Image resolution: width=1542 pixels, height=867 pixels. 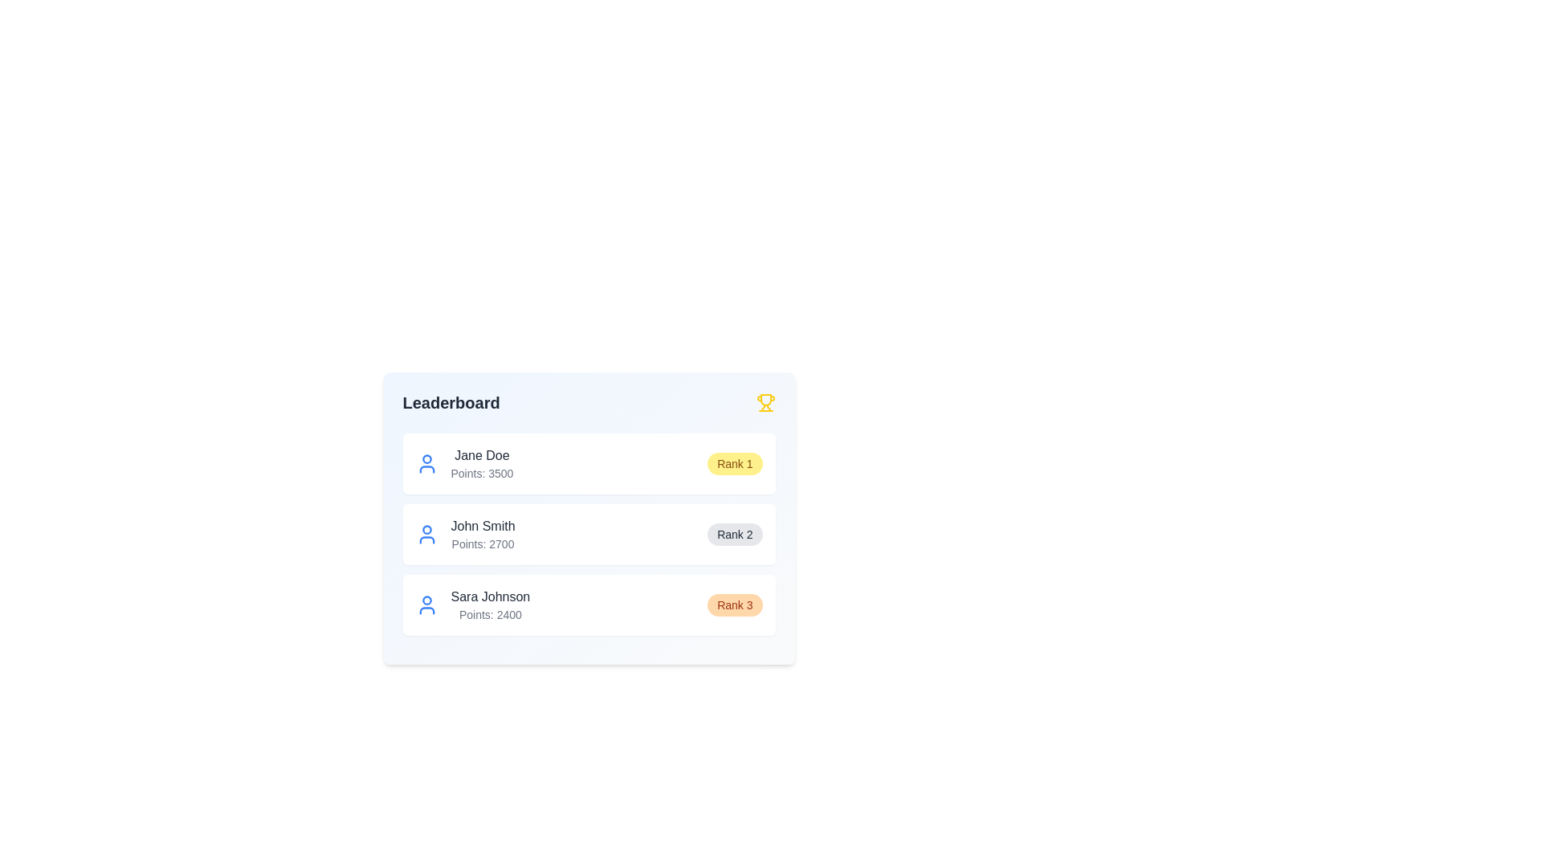 What do you see at coordinates (588, 535) in the screenshot?
I see `the Leaderboard Item representing the profile of 'John Smith', which displays '2700' points and 'Rank 2' badge` at bounding box center [588, 535].